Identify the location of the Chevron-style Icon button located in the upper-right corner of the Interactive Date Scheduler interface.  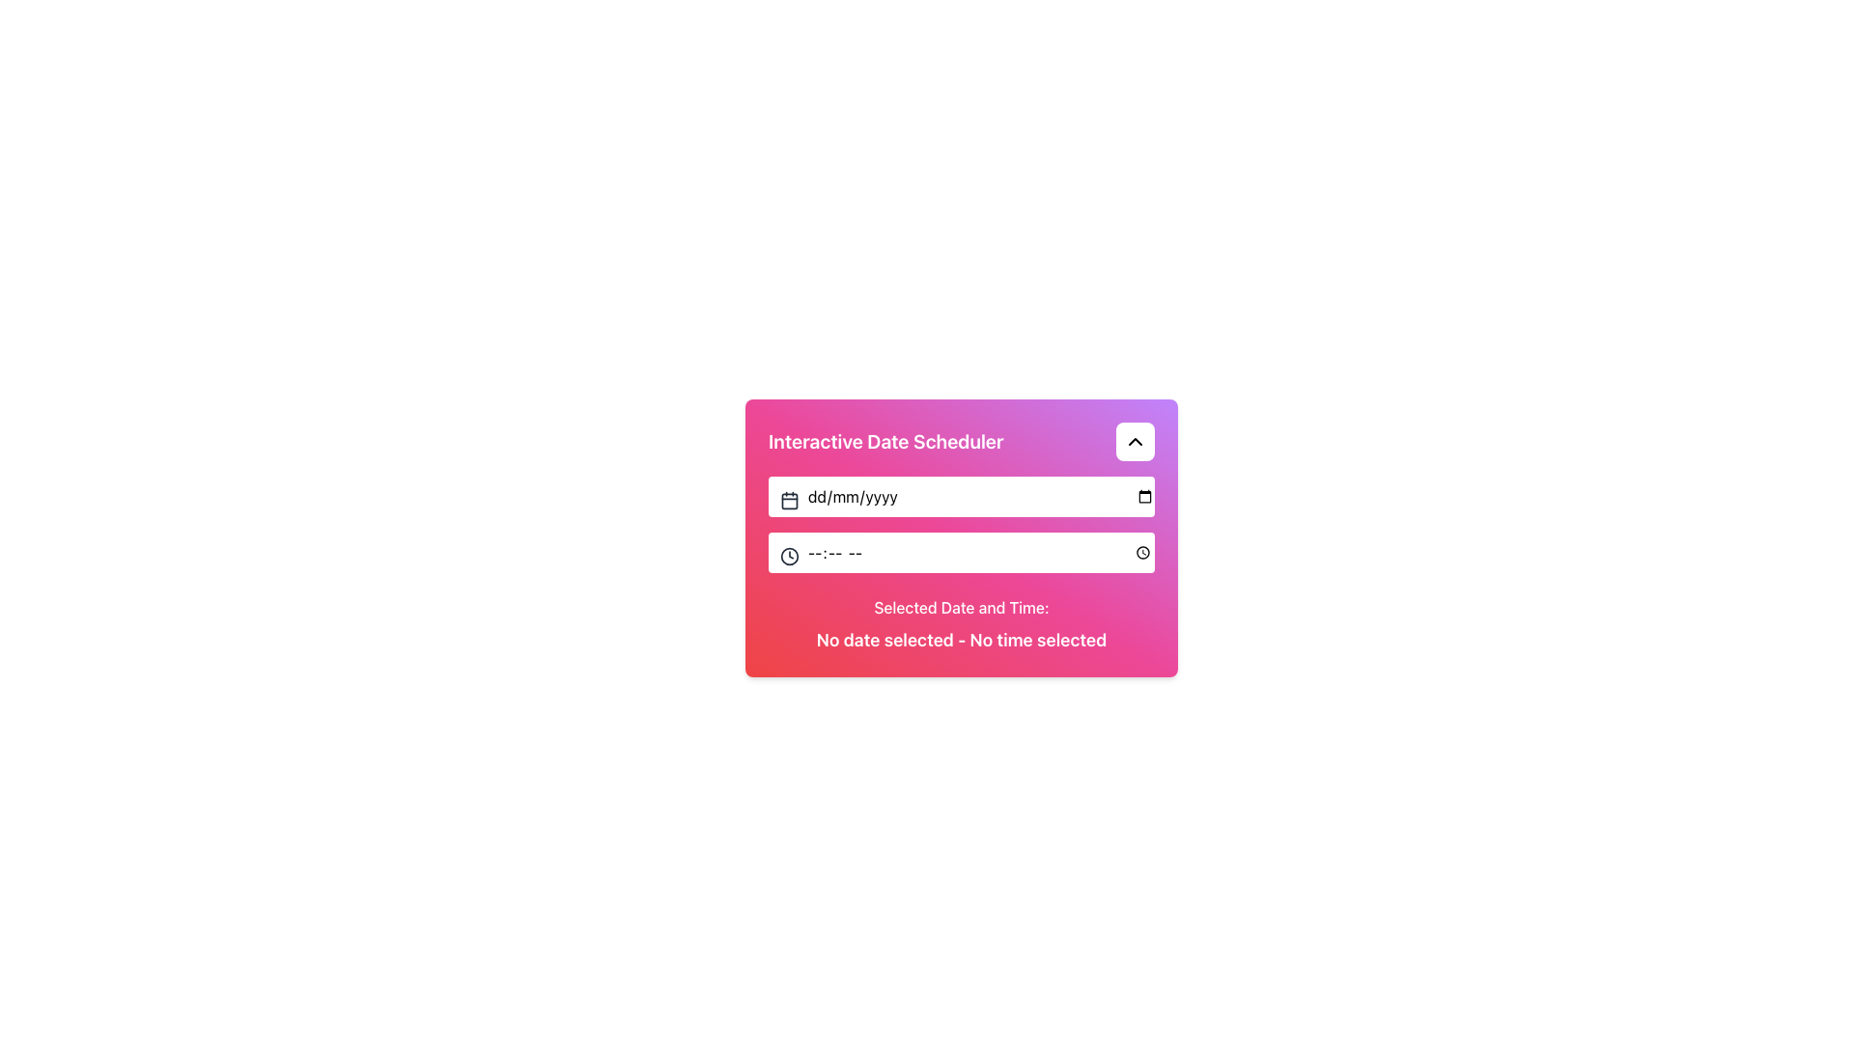
(1136, 442).